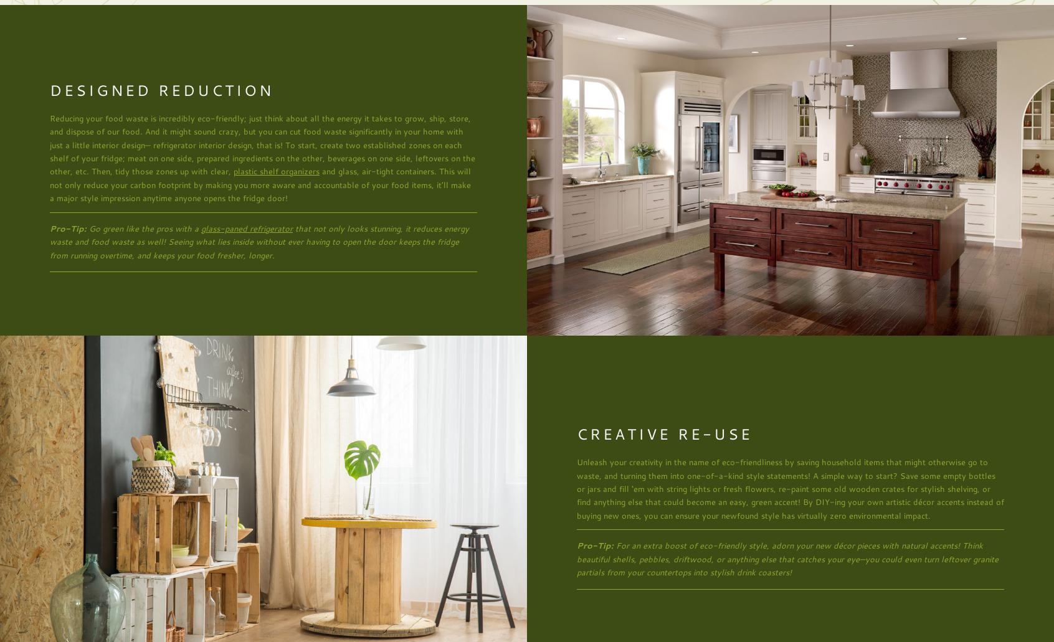 Image resolution: width=1054 pixels, height=642 pixels. Describe the element at coordinates (790, 488) in the screenshot. I see `'Unleash your creativity in the name of eco-friendliness by saving household items that might otherwise go to waste, and turning them into one-of-a-kind style statements! A simple way to start? Save some empty bottles or jars and fill ‘em with string lights or fresh flowers, re-paint some old wooden crates for stylish shelving, or find anything else that could become an easy, green accent! By DIY-ing your own artistic décor accents instead of buying new ones, you can ensure your newfound style has virtually zero environmental impact.'` at that location.